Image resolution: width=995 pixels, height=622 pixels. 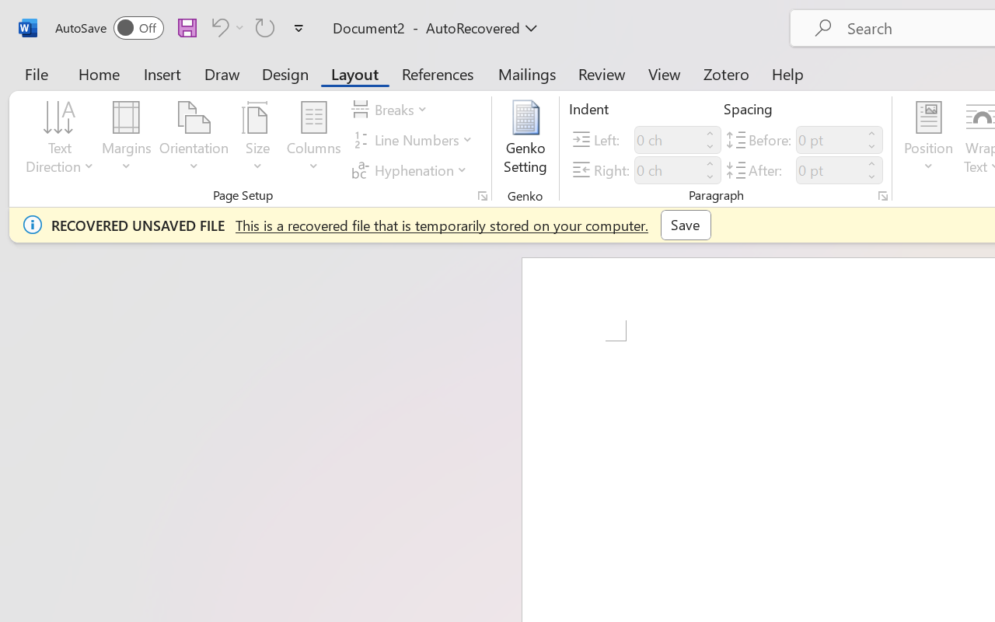 I want to click on 'Columns', so click(x=313, y=139).